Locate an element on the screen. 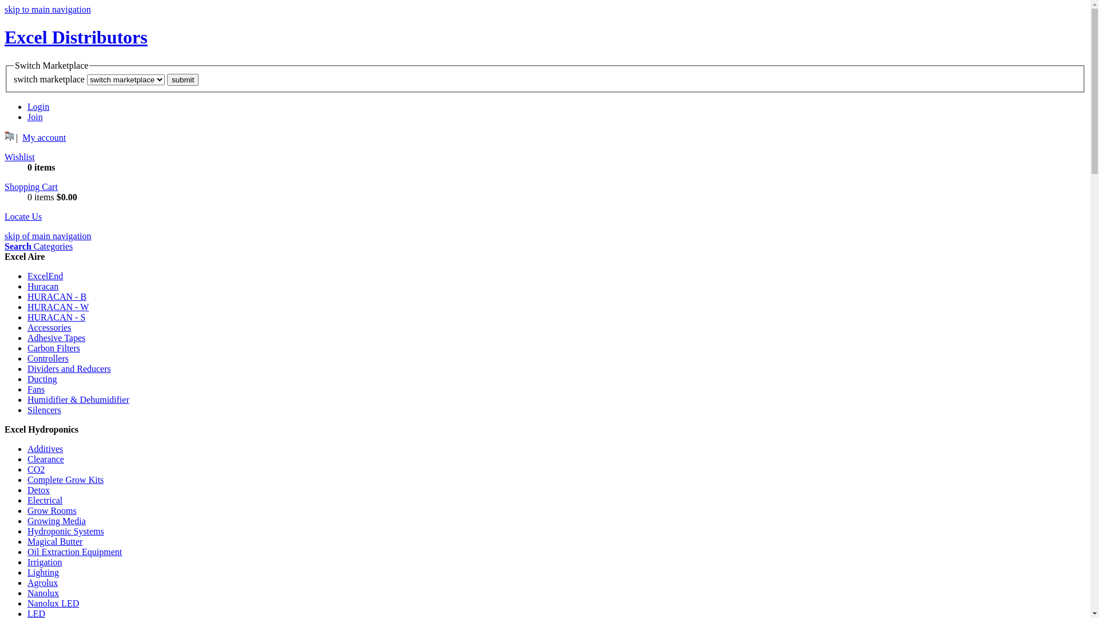  'Search Categories' is located at coordinates (38, 245).